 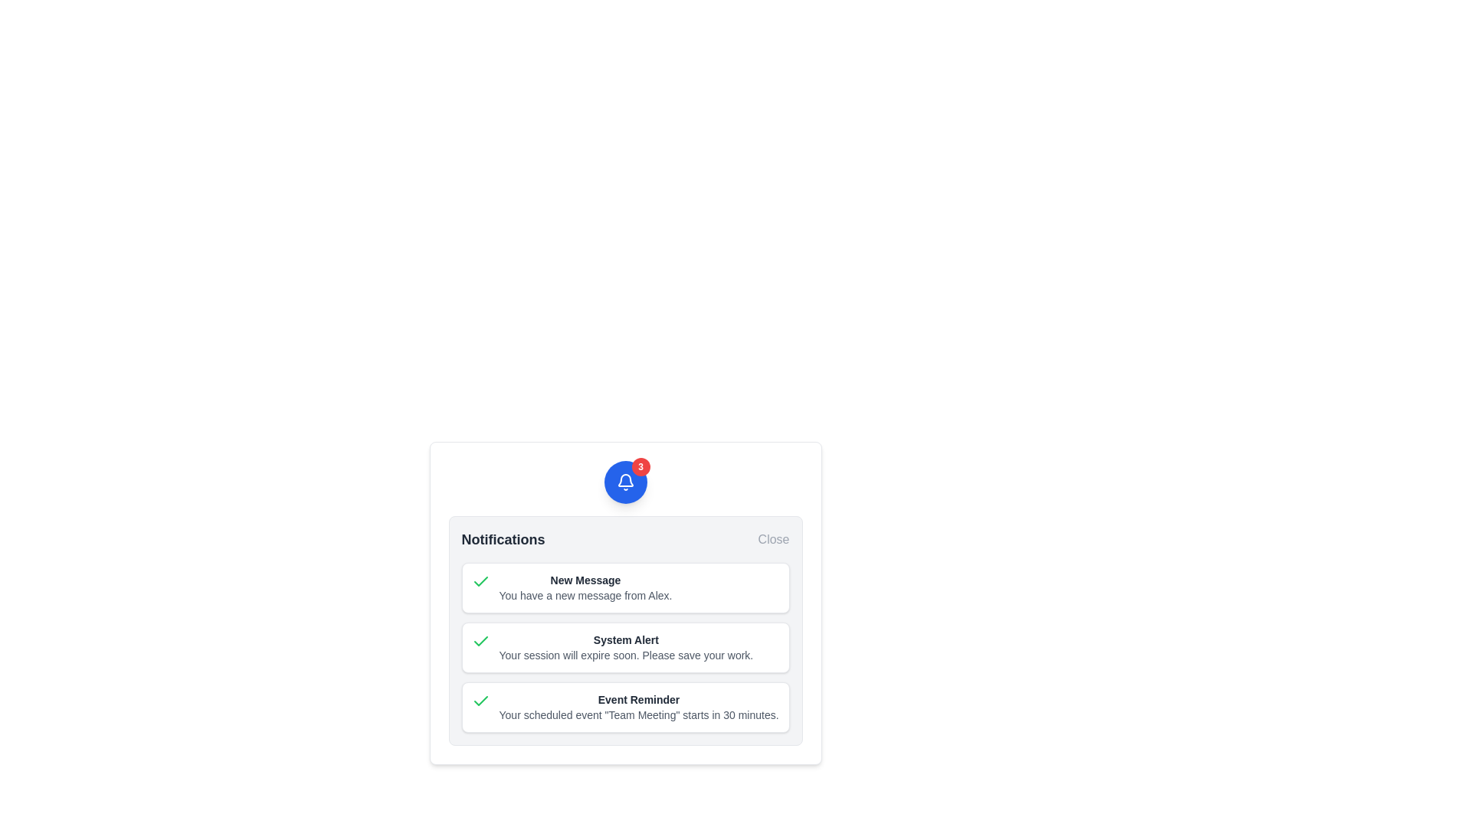 I want to click on text block that displays the message 'Your session will expire soon. Please save your work.' located beneath the 'System Alert' label in the alert notification, so click(x=626, y=655).